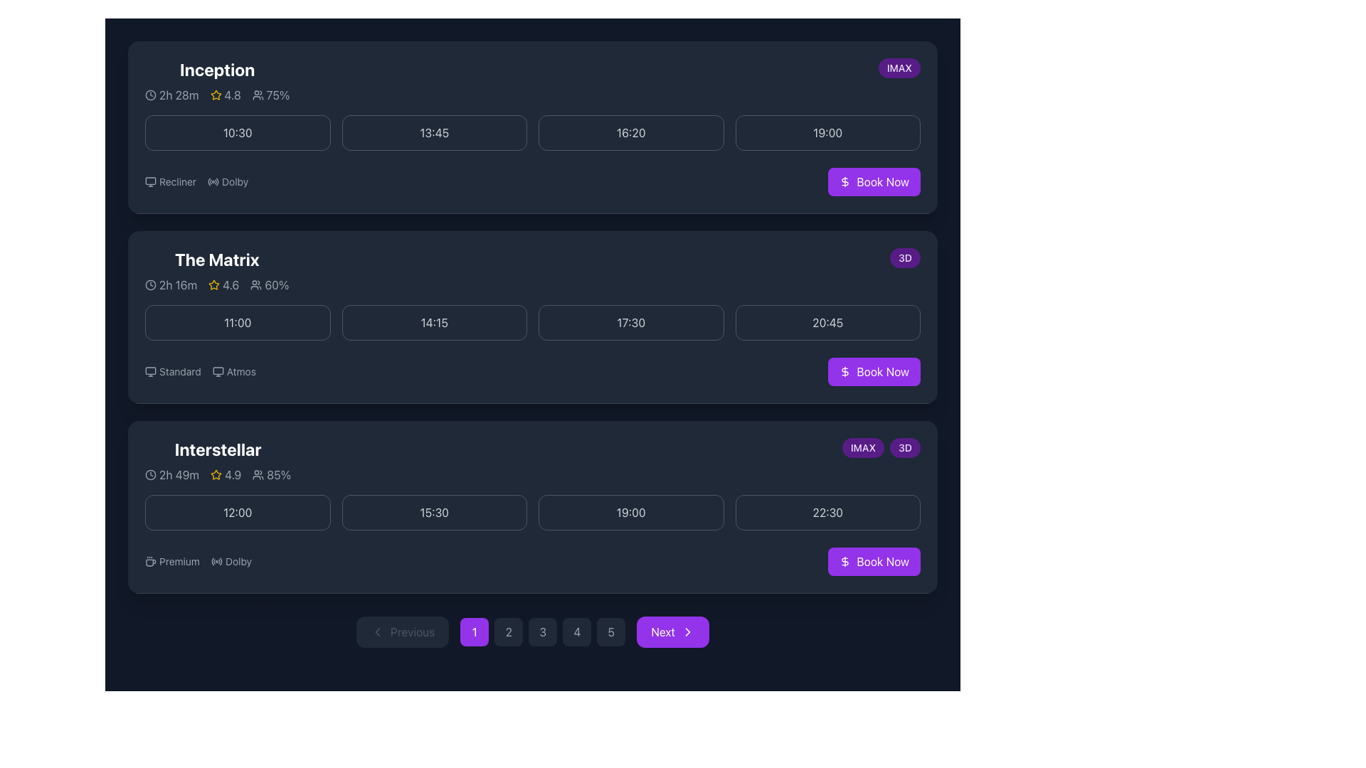  I want to click on the title and essential summary details of the movie 'Inception' located at the top-left corner of its section, so click(216, 81).